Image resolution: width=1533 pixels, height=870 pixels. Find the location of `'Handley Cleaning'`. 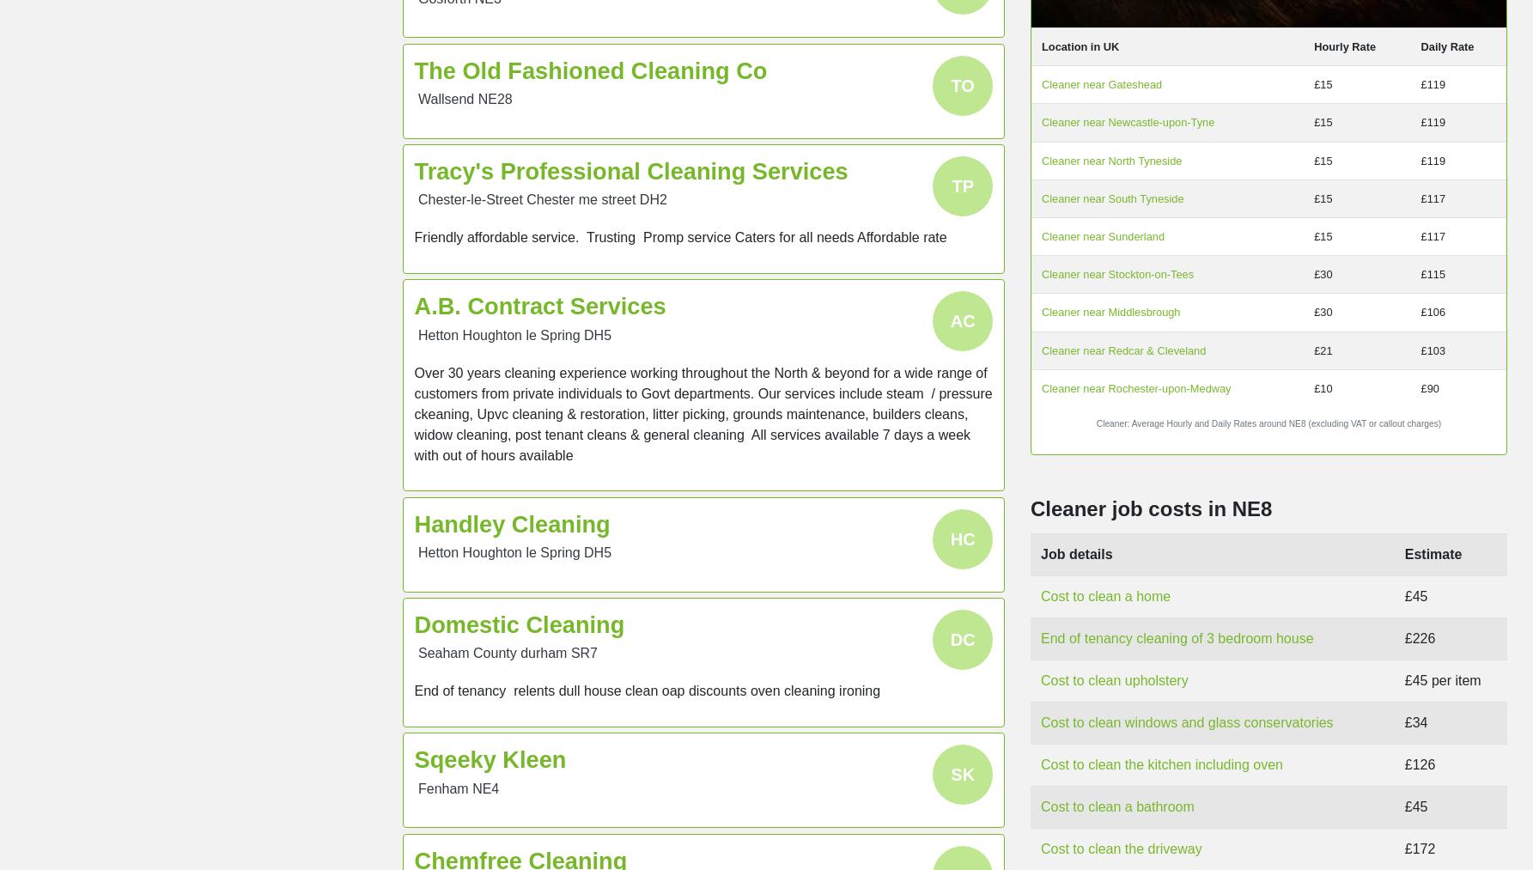

'Handley Cleaning' is located at coordinates (512, 522).